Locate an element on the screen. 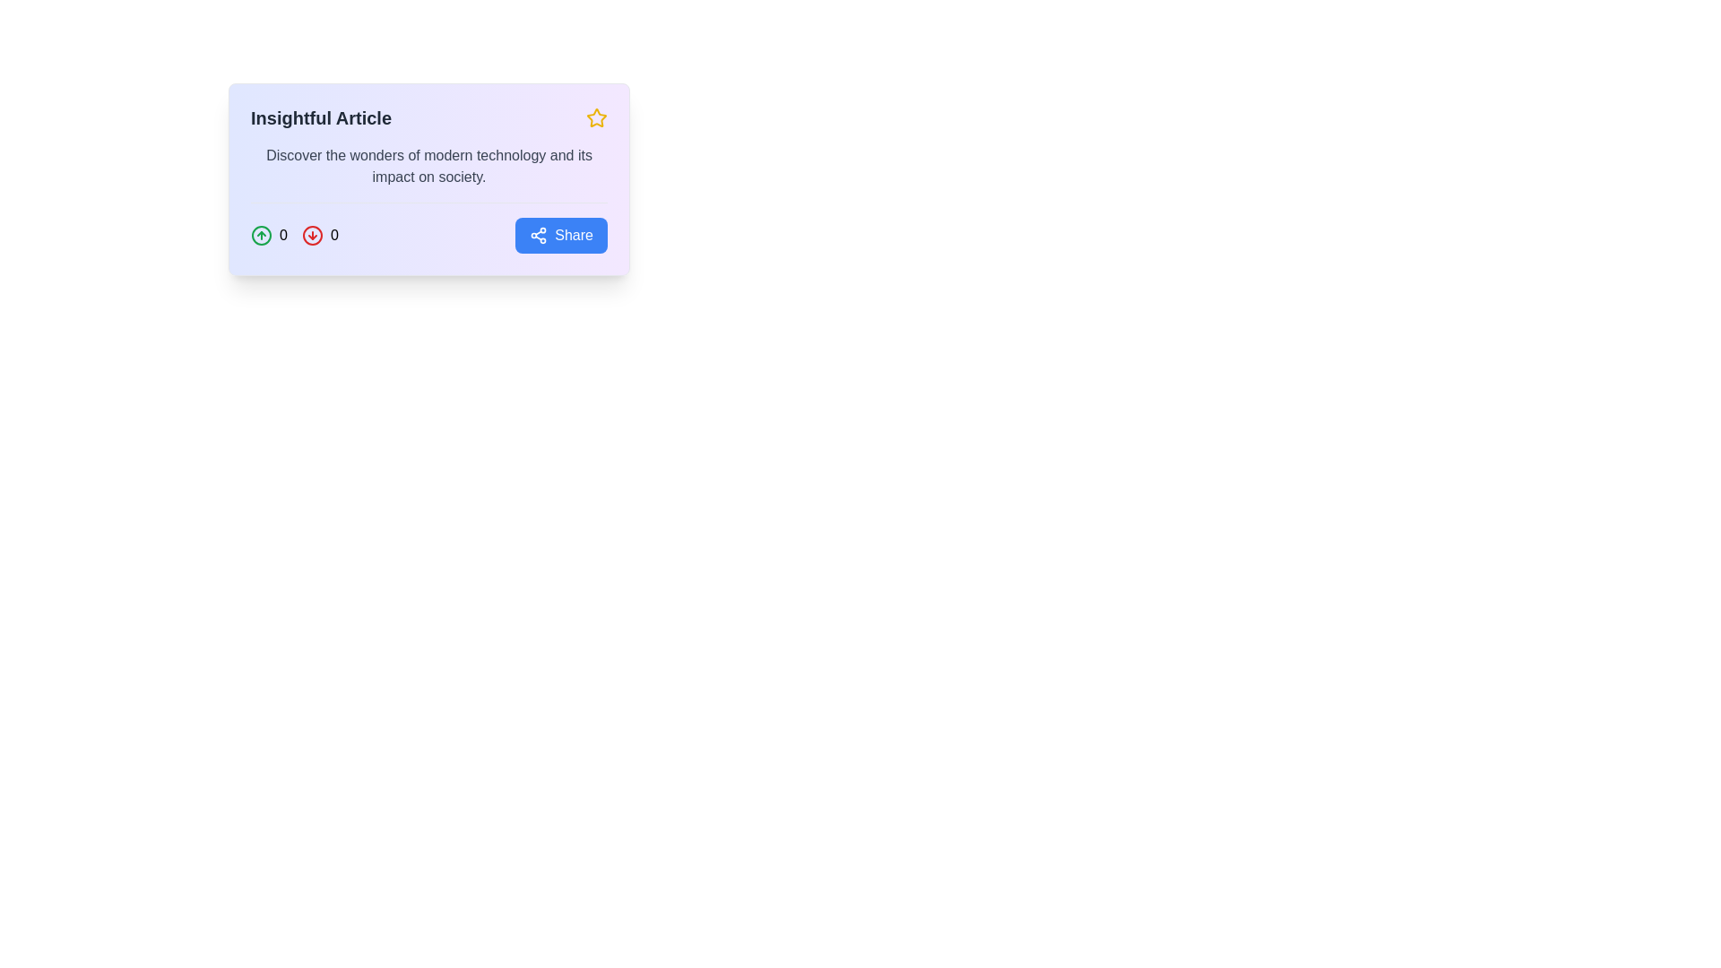  the star icon with a yellow outline is located at coordinates (596, 117).